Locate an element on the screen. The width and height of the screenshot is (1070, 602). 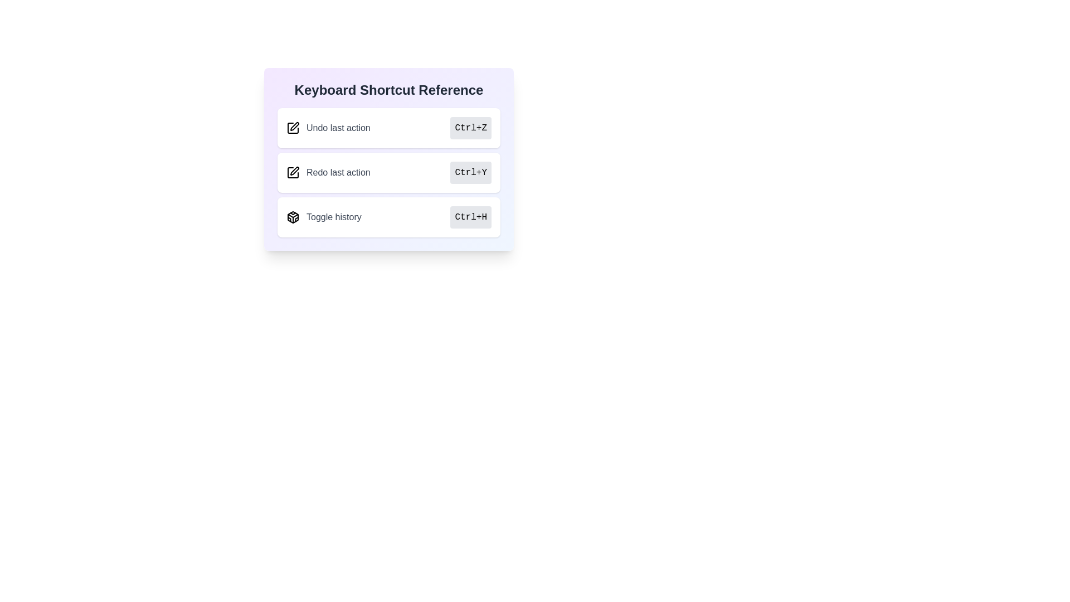
the 'Undo last action' information display element located under the 'Keyboard Shortcut Reference' title is located at coordinates (388, 128).